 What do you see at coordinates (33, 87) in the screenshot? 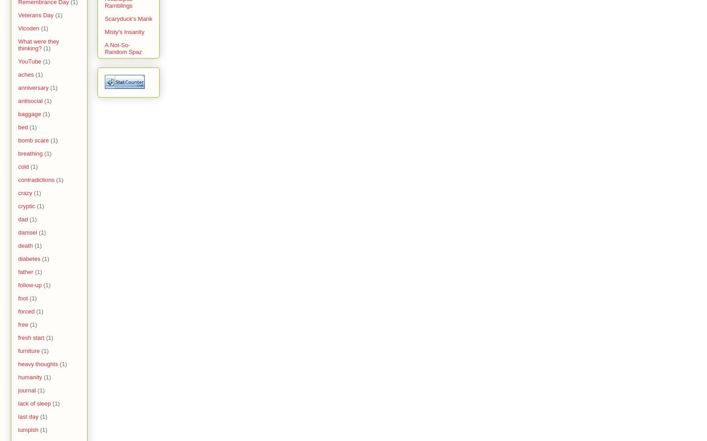
I see `'anniversary'` at bounding box center [33, 87].